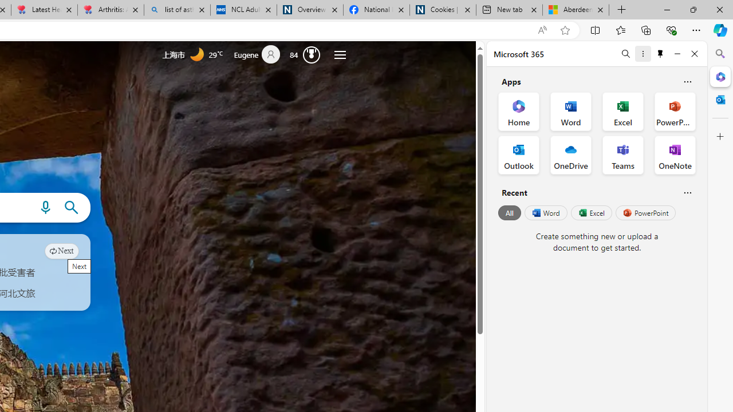 This screenshot has width=733, height=412. Describe the element at coordinates (576, 10) in the screenshot. I see `'Aberdeen, Hong Kong SAR hourly forecast | Microsoft Weather'` at that location.